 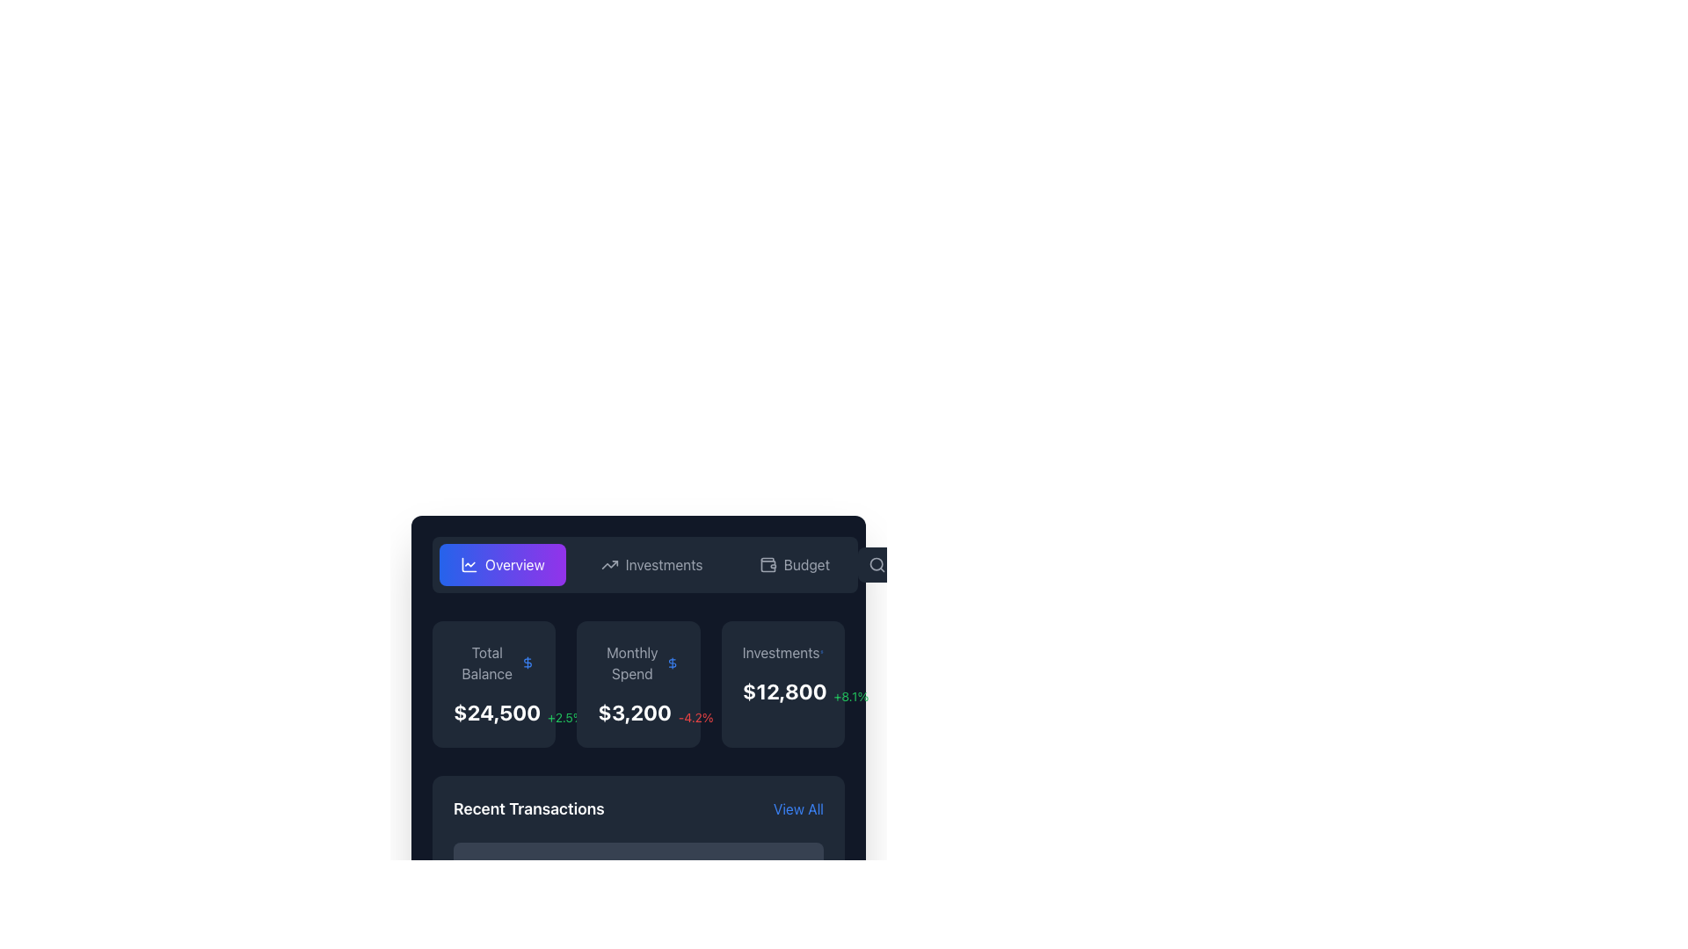 What do you see at coordinates (782, 690) in the screenshot?
I see `the monetary value text display element located within the 'Investments' card, positioned centrally at the bottom right beneath the label` at bounding box center [782, 690].